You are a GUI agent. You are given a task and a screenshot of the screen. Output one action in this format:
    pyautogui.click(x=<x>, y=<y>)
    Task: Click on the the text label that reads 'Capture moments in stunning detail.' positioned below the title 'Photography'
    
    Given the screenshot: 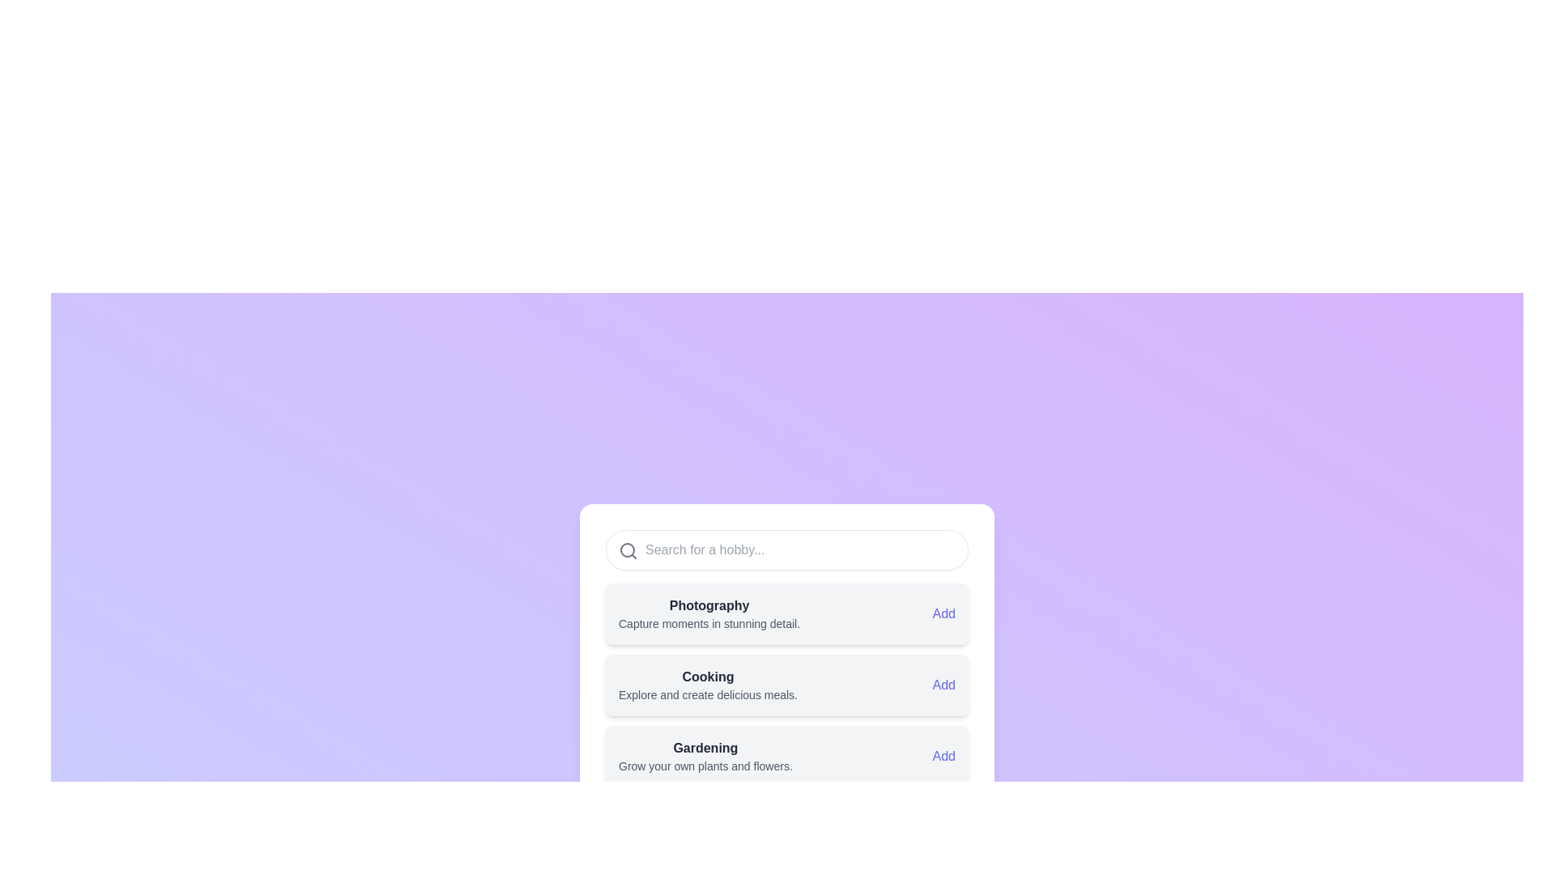 What is the action you would take?
    pyautogui.click(x=709, y=623)
    